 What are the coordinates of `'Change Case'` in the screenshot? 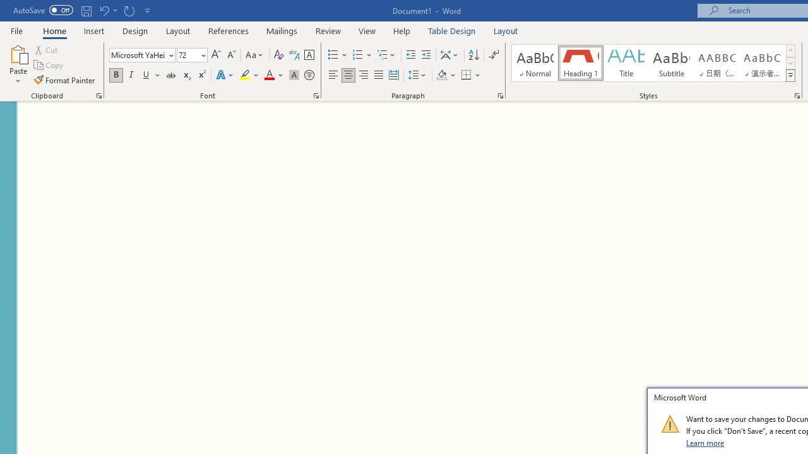 It's located at (254, 54).